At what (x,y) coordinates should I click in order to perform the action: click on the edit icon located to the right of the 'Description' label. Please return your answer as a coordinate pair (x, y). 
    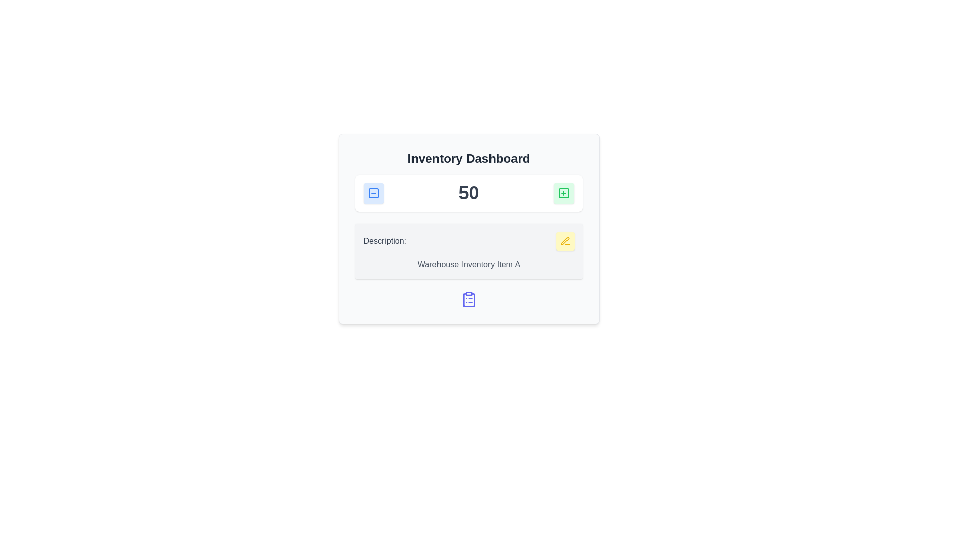
    Looking at the image, I should click on (564, 241).